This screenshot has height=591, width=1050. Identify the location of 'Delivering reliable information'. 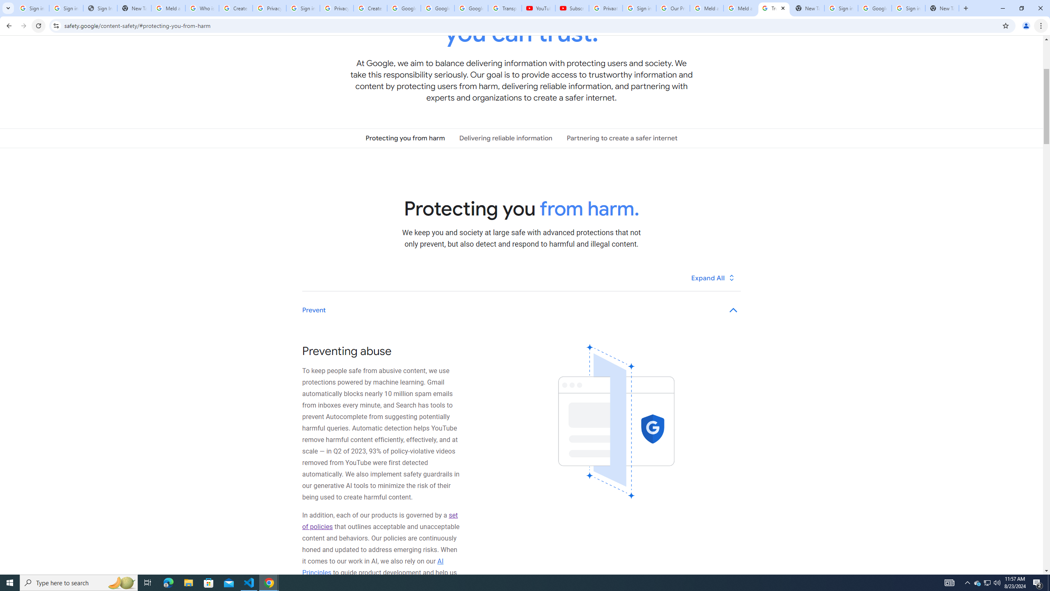
(505, 138).